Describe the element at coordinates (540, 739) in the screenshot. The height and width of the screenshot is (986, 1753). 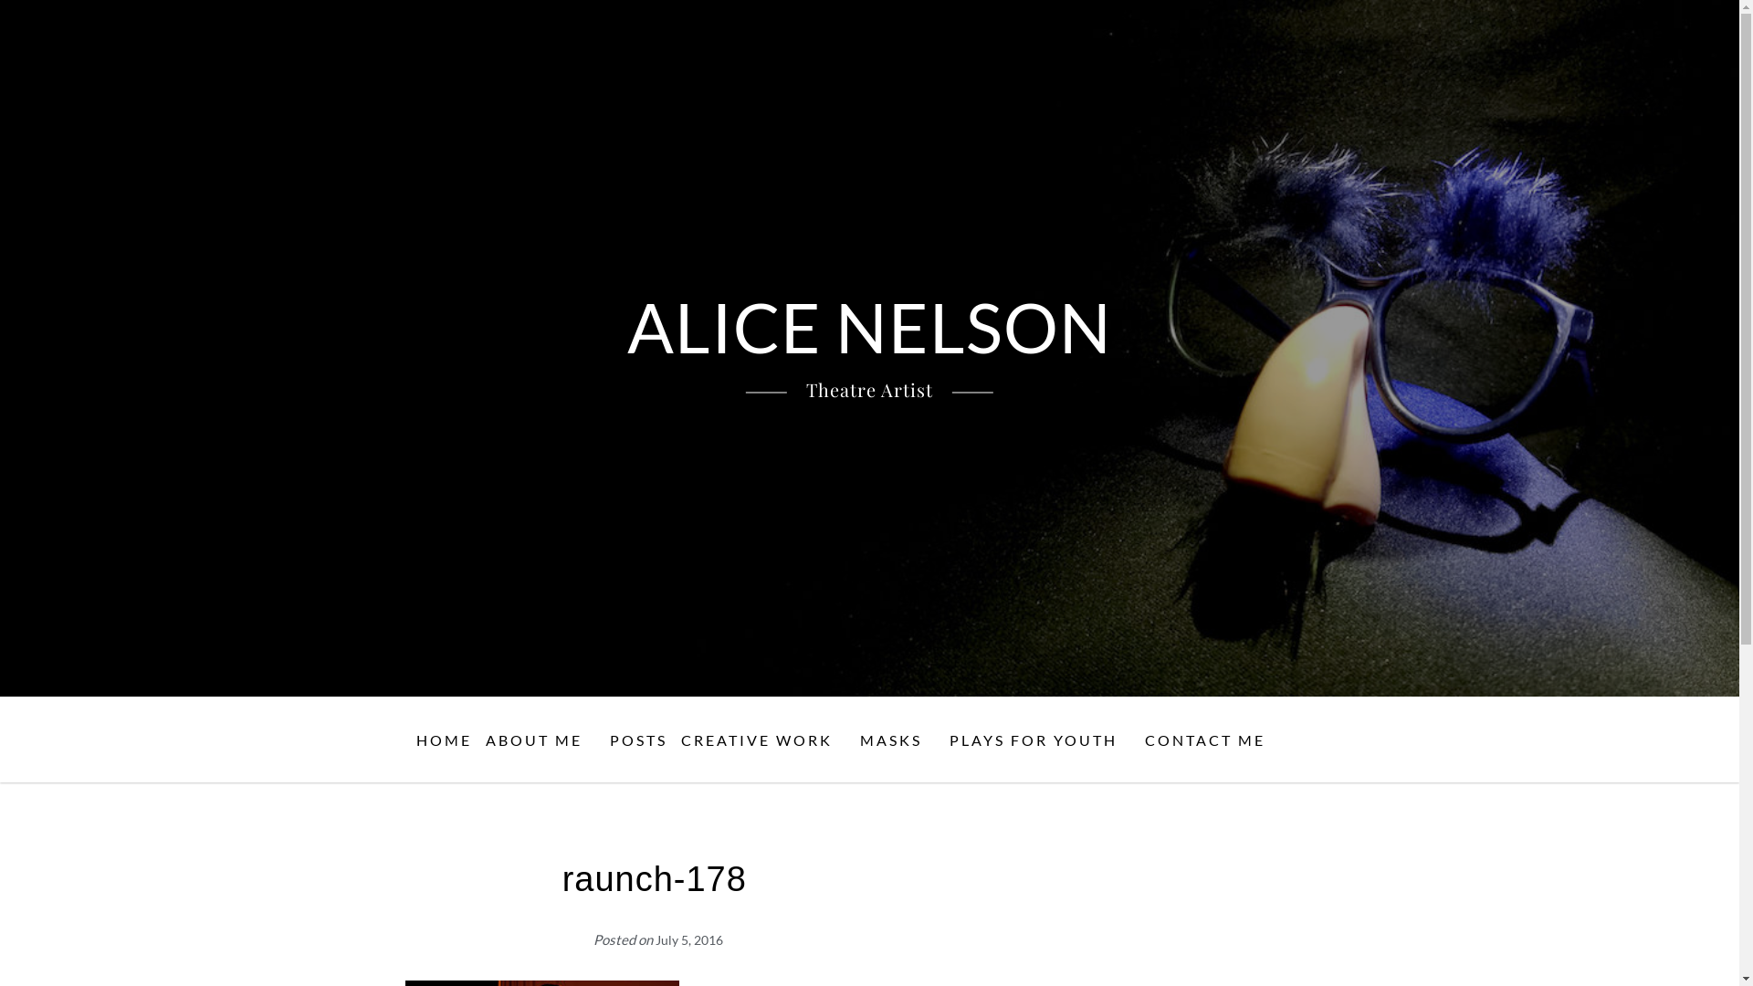
I see `'ABOUT ME'` at that location.